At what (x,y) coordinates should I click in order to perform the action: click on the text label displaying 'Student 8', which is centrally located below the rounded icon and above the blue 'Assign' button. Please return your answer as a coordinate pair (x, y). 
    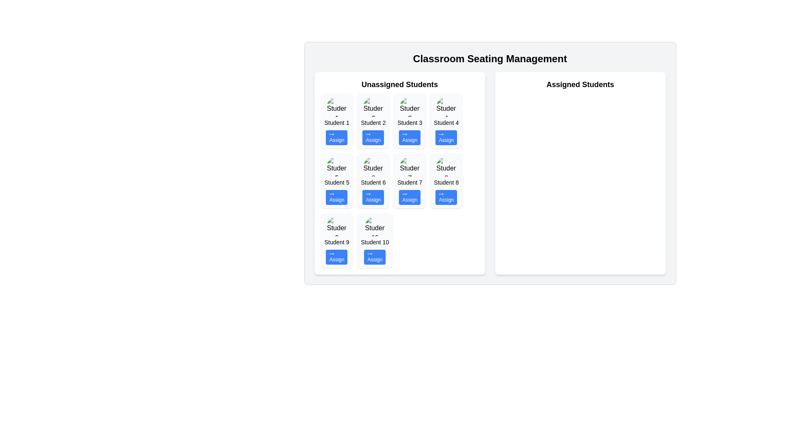
    Looking at the image, I should click on (446, 182).